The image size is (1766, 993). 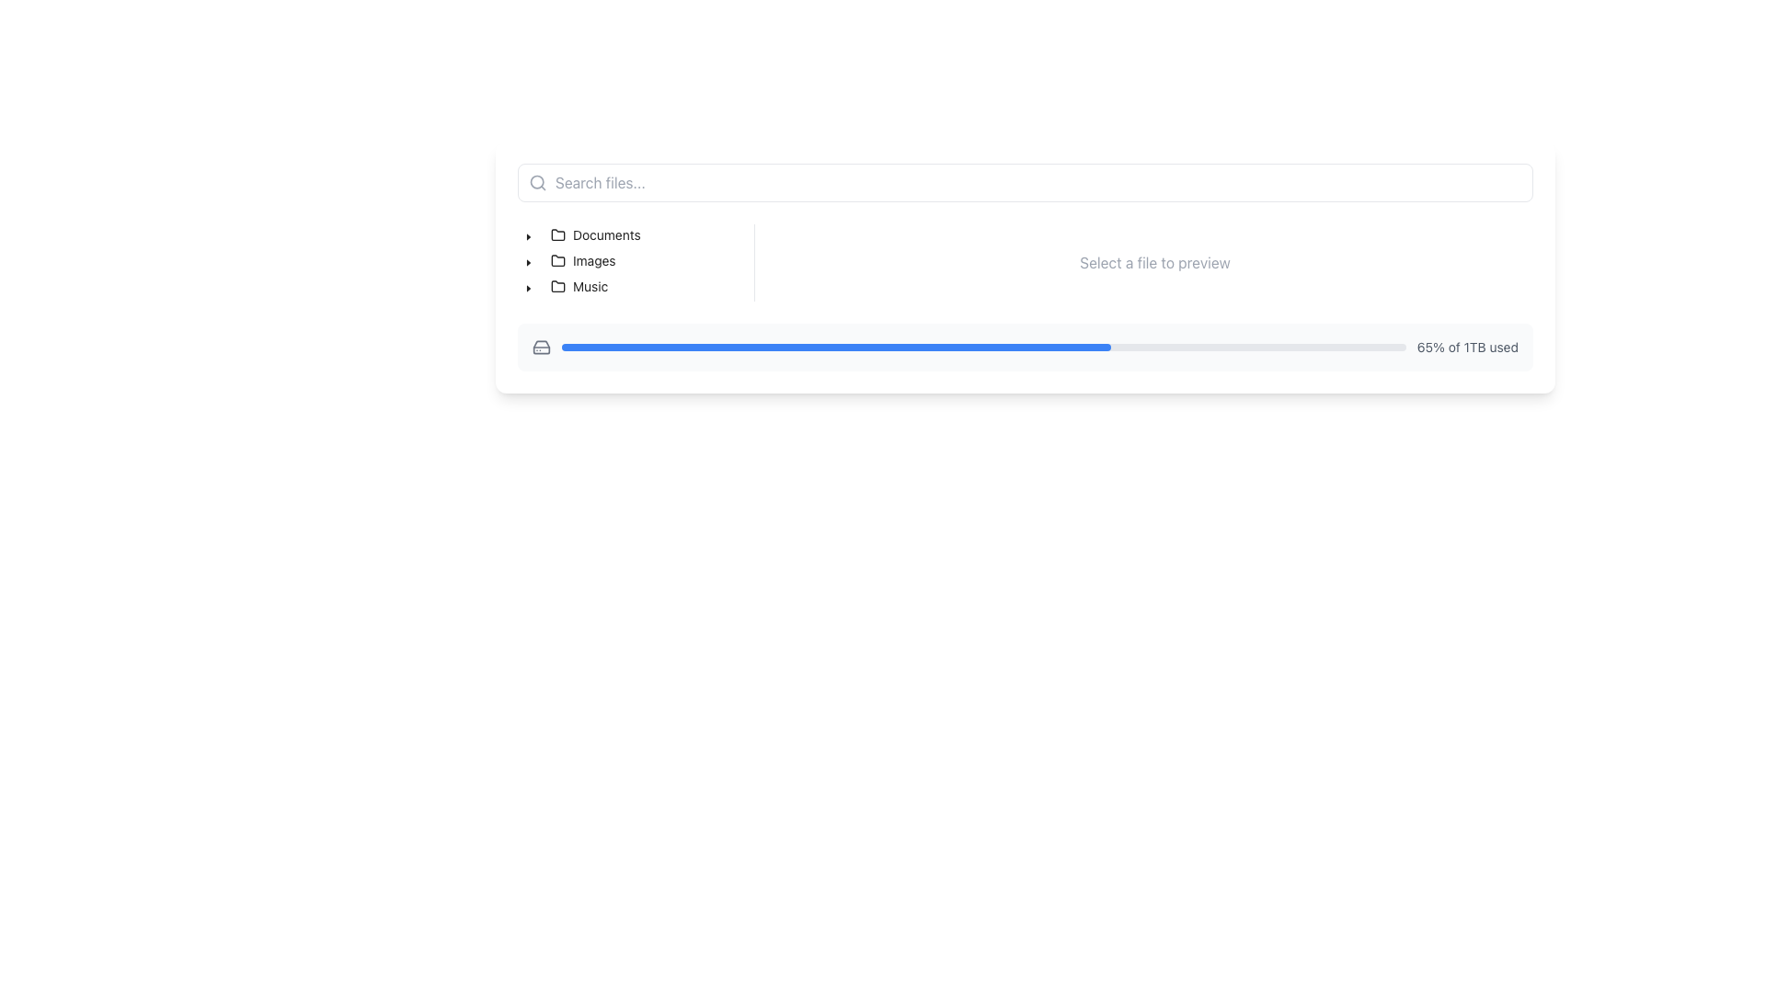 What do you see at coordinates (581, 234) in the screenshot?
I see `the 'Documents' tree item` at bounding box center [581, 234].